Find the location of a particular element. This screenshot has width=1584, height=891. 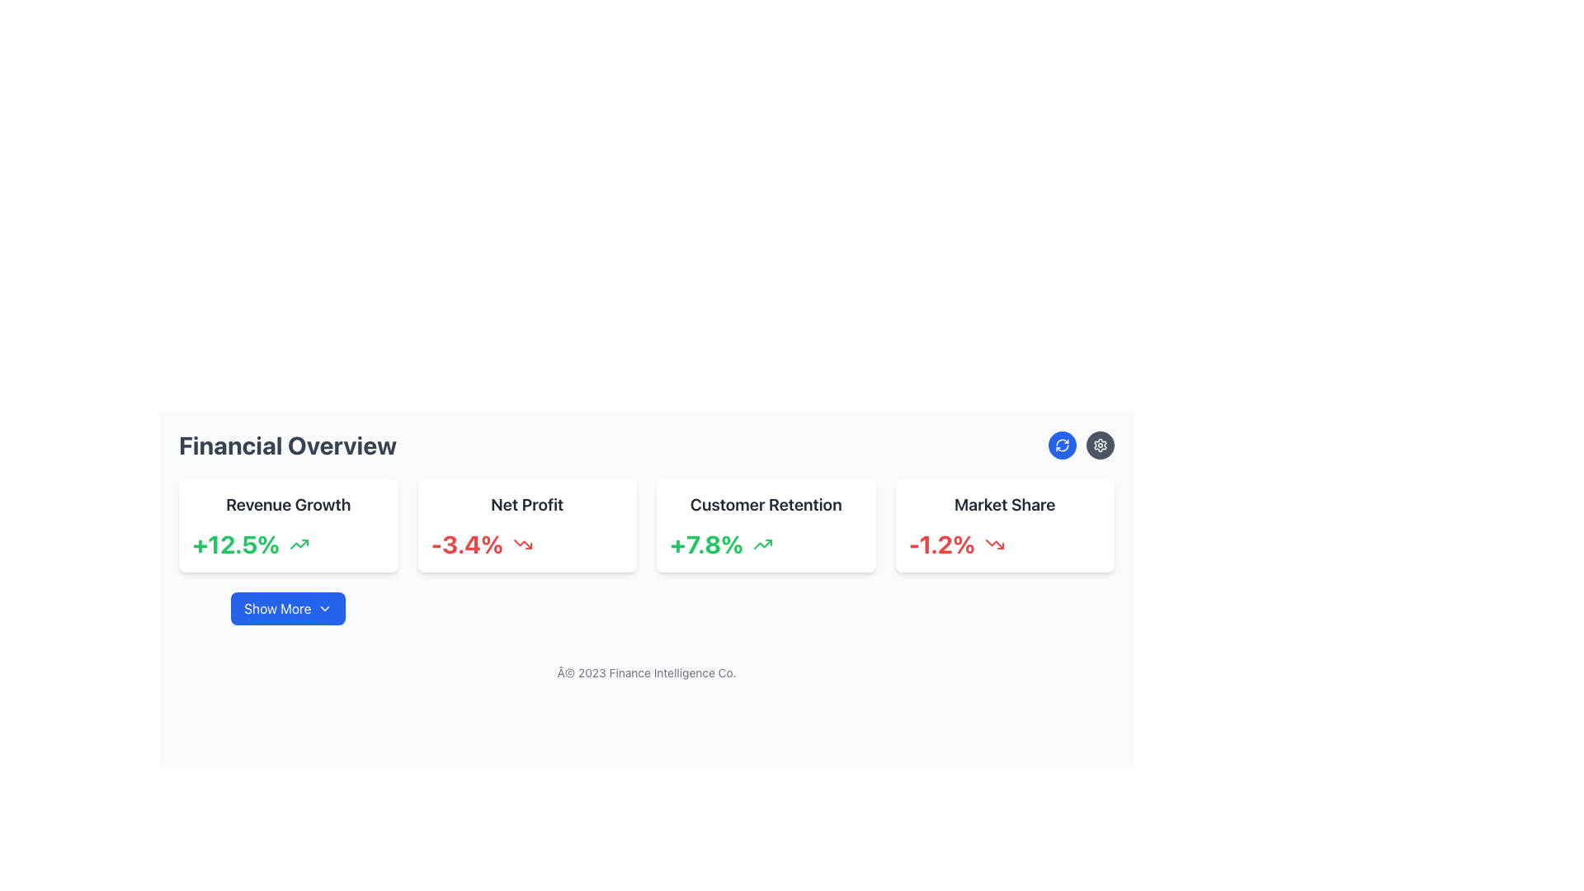

text value '-3.4%' displayed in bold red font, accompanied by a downward-facing arrow symbol, located under the 'Net Profit' title is located at coordinates (526, 544).